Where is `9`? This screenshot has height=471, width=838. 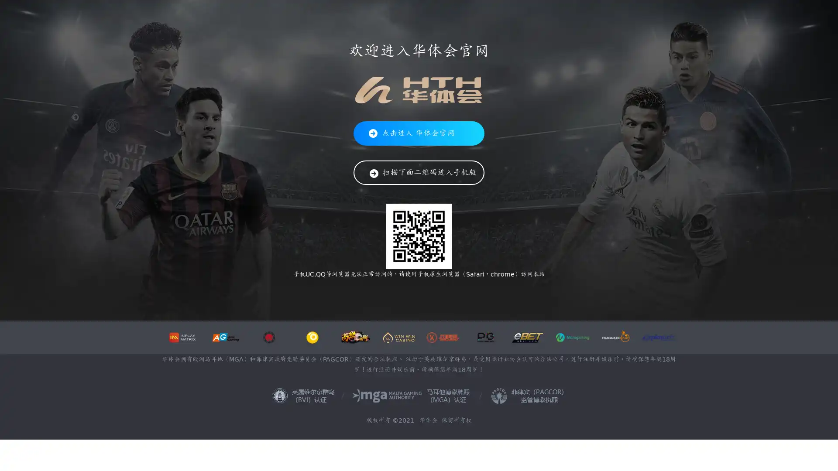 9 is located at coordinates (413, 290).